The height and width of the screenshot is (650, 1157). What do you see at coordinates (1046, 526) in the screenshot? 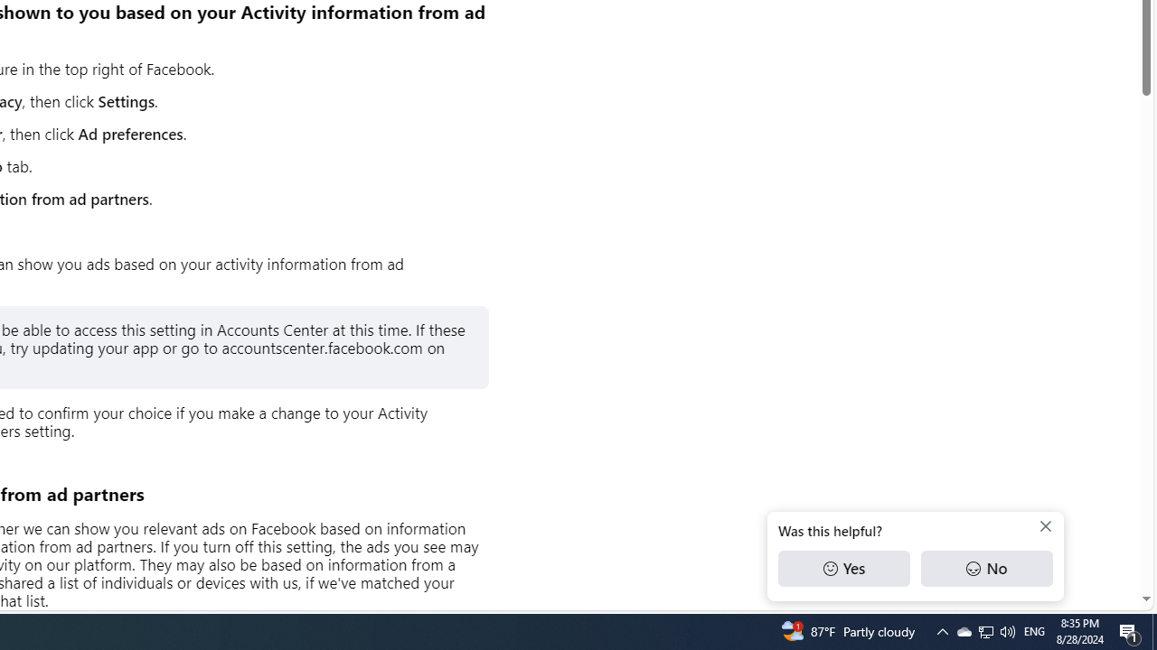
I see `'Dismiss'` at bounding box center [1046, 526].